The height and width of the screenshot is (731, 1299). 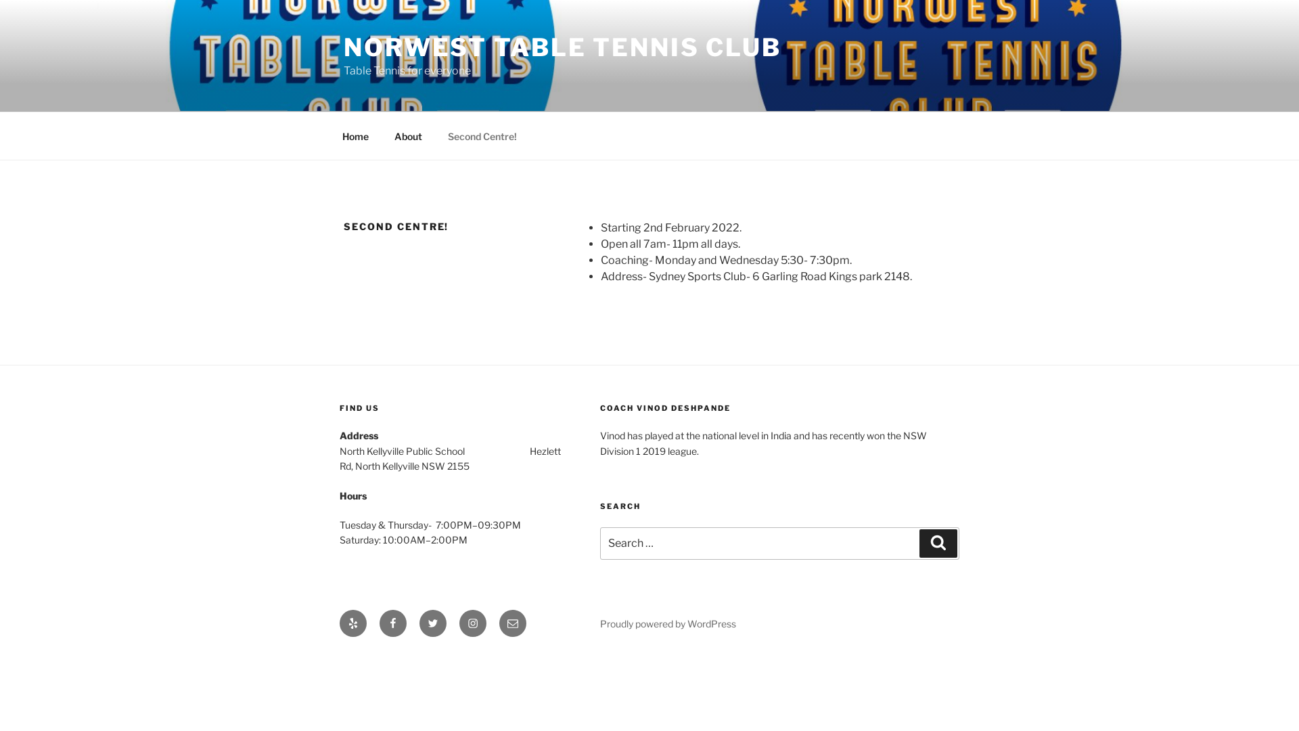 What do you see at coordinates (407, 135) in the screenshot?
I see `'About'` at bounding box center [407, 135].